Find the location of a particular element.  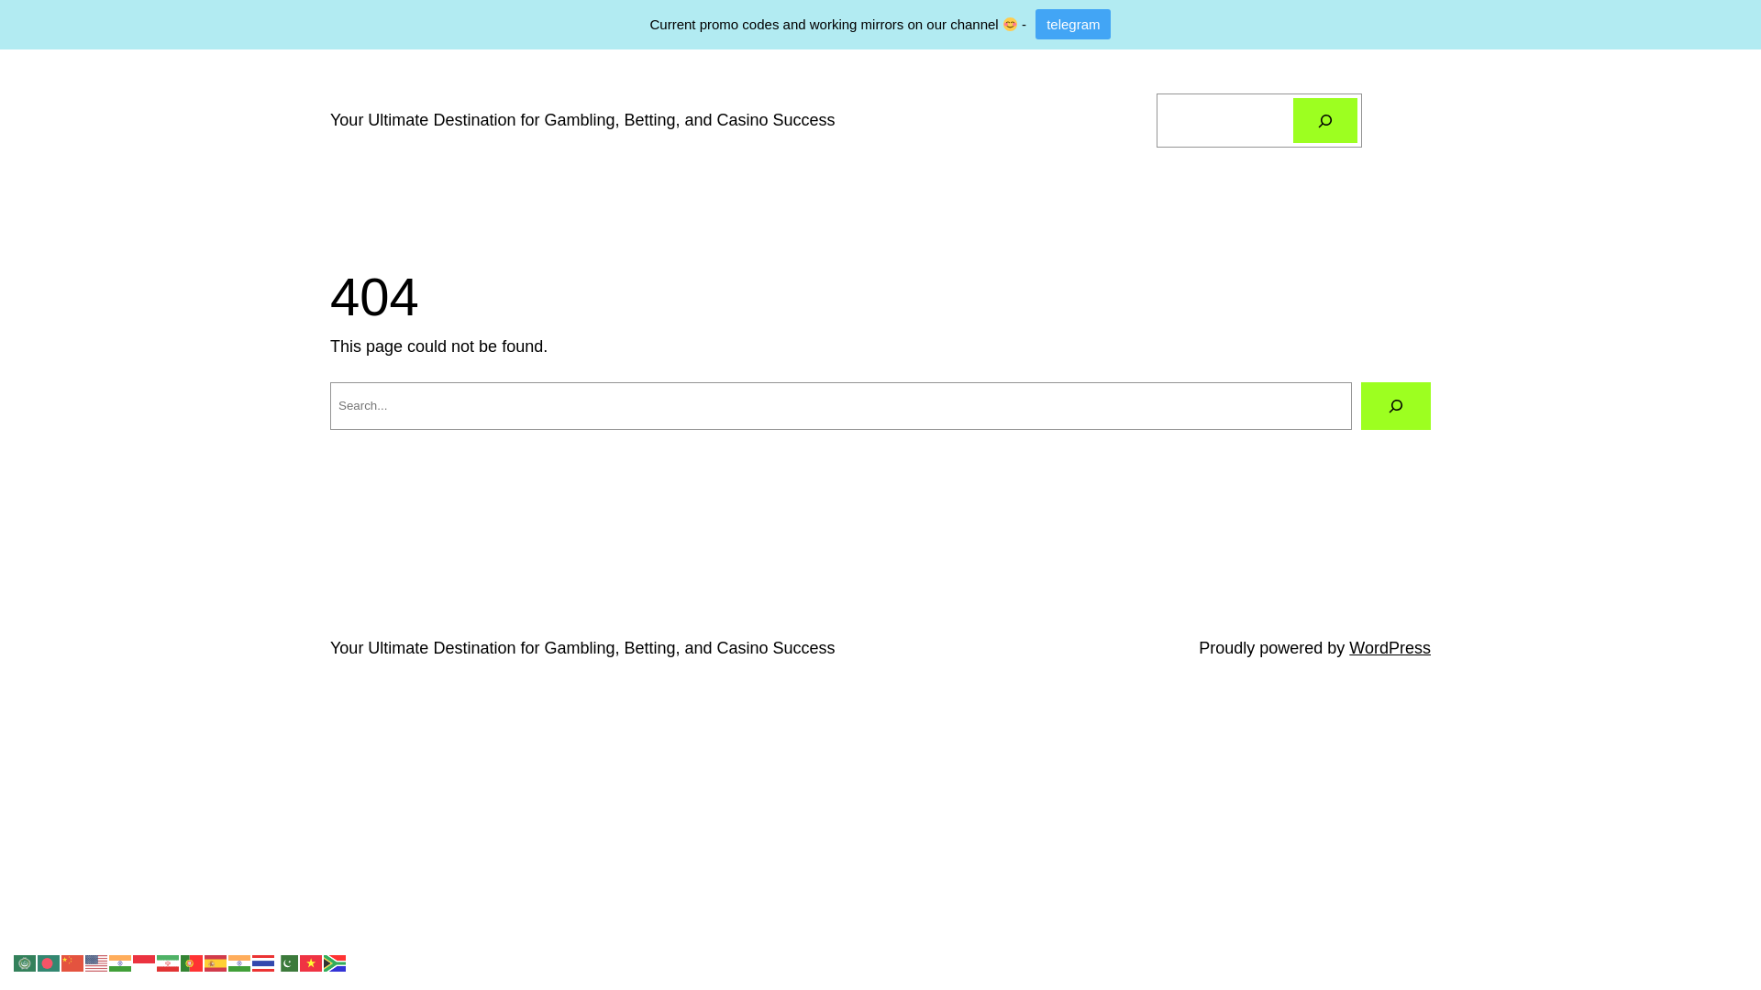

'Bengali' is located at coordinates (49, 961).